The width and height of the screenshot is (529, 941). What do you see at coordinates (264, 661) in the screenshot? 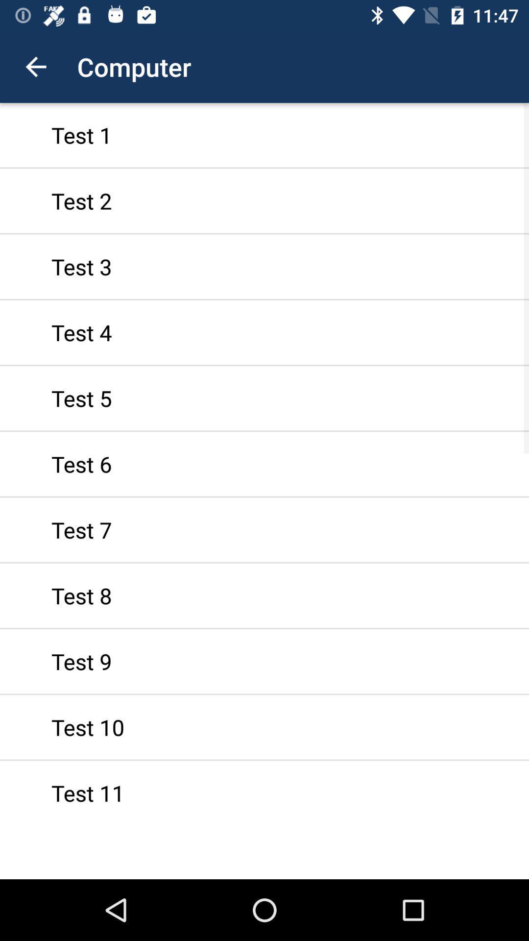
I see `the test 9 icon` at bounding box center [264, 661].